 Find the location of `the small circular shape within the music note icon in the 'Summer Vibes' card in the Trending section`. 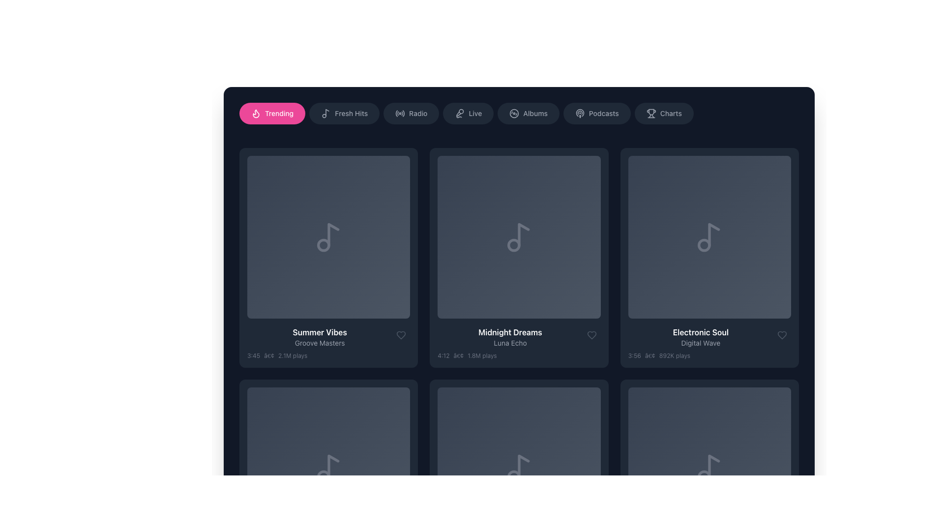

the small circular shape within the music note icon in the 'Summer Vibes' card in the Trending section is located at coordinates (323, 244).